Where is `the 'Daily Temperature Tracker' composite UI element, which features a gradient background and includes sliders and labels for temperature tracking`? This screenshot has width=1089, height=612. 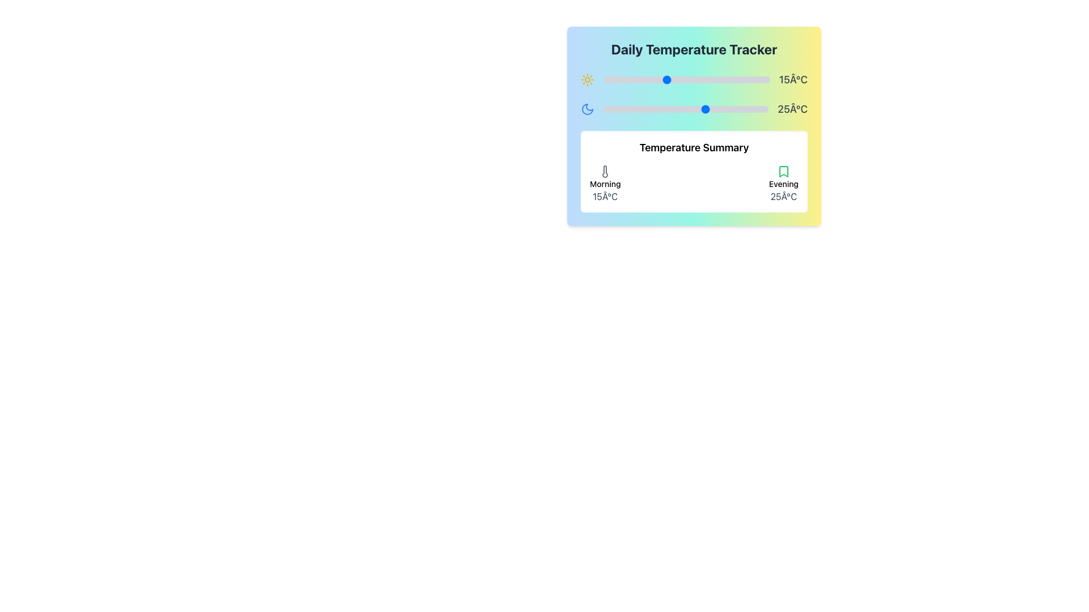 the 'Daily Temperature Tracker' composite UI element, which features a gradient background and includes sliders and labels for temperature tracking is located at coordinates (694, 126).